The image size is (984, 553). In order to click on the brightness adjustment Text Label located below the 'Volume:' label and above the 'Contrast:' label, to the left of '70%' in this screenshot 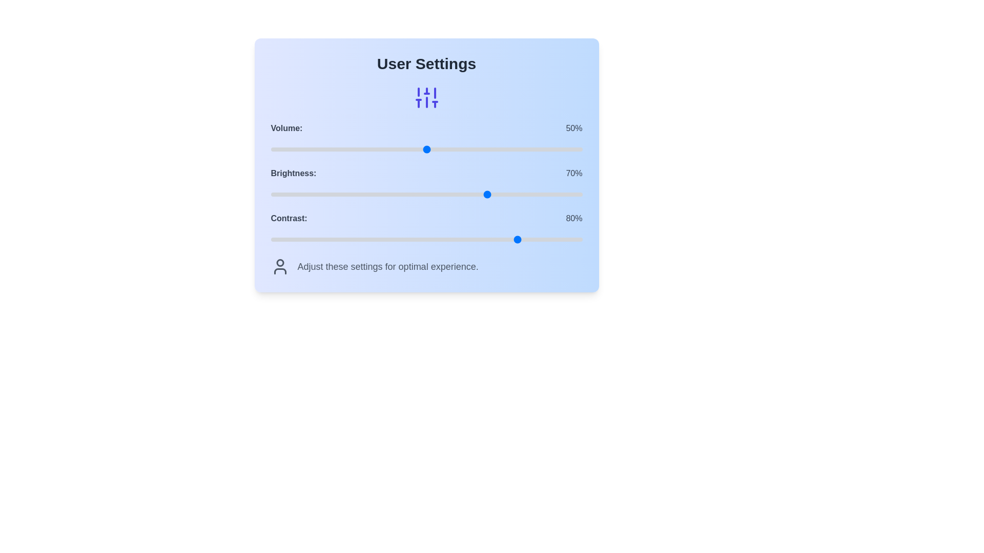, I will do `click(293, 173)`.